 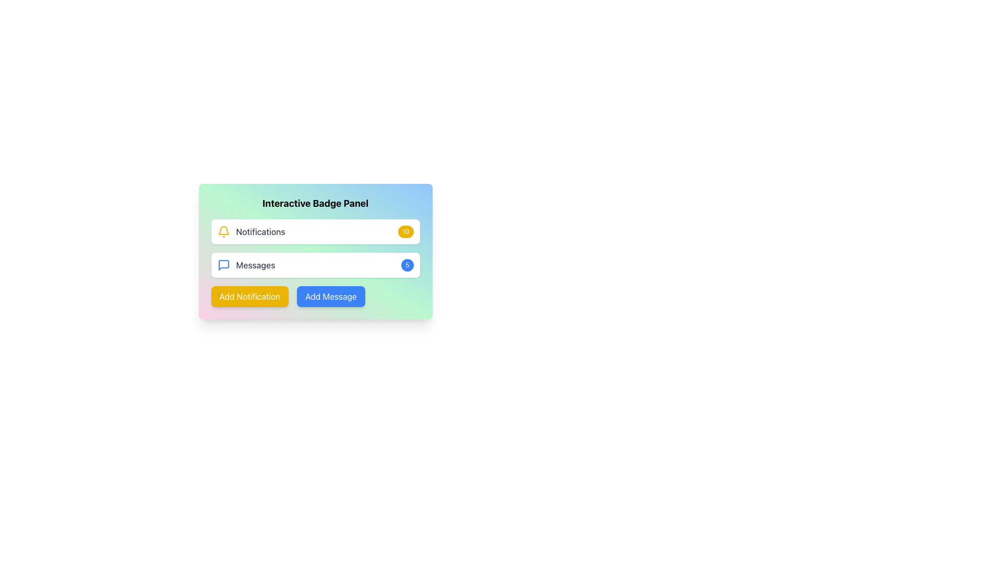 What do you see at coordinates (330, 296) in the screenshot?
I see `the interactive button located to the right of the 'Add Notification' button, situated at the bottom of the panel under the 'Messages' label and text box` at bounding box center [330, 296].